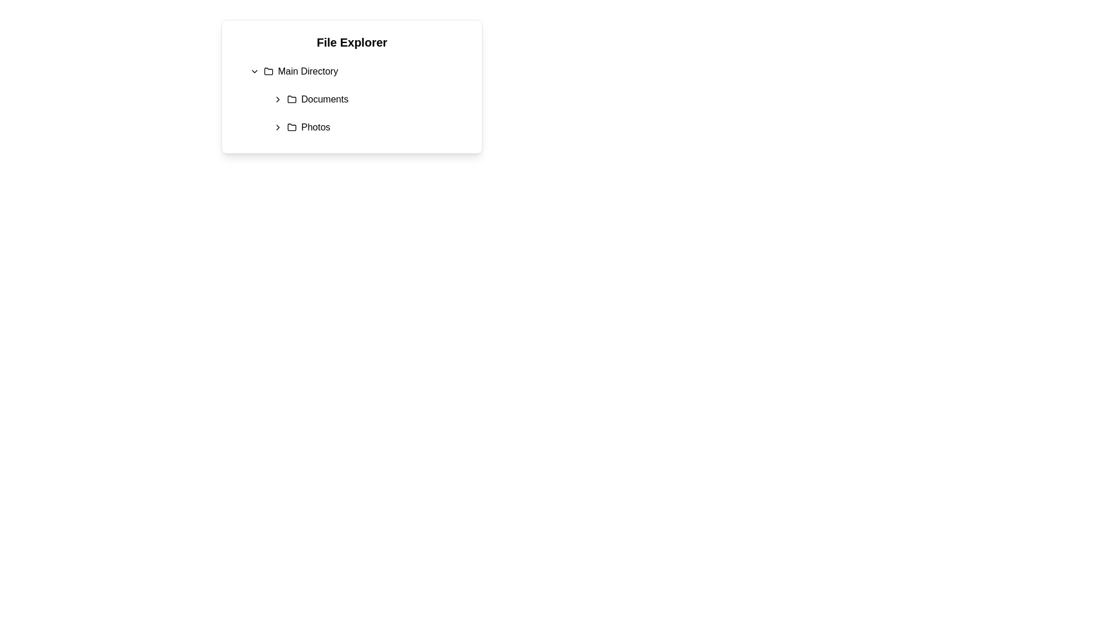 The image size is (1119, 629). Describe the element at coordinates (368, 128) in the screenshot. I see `the 'Photos' folder entry in the file explorer` at that location.